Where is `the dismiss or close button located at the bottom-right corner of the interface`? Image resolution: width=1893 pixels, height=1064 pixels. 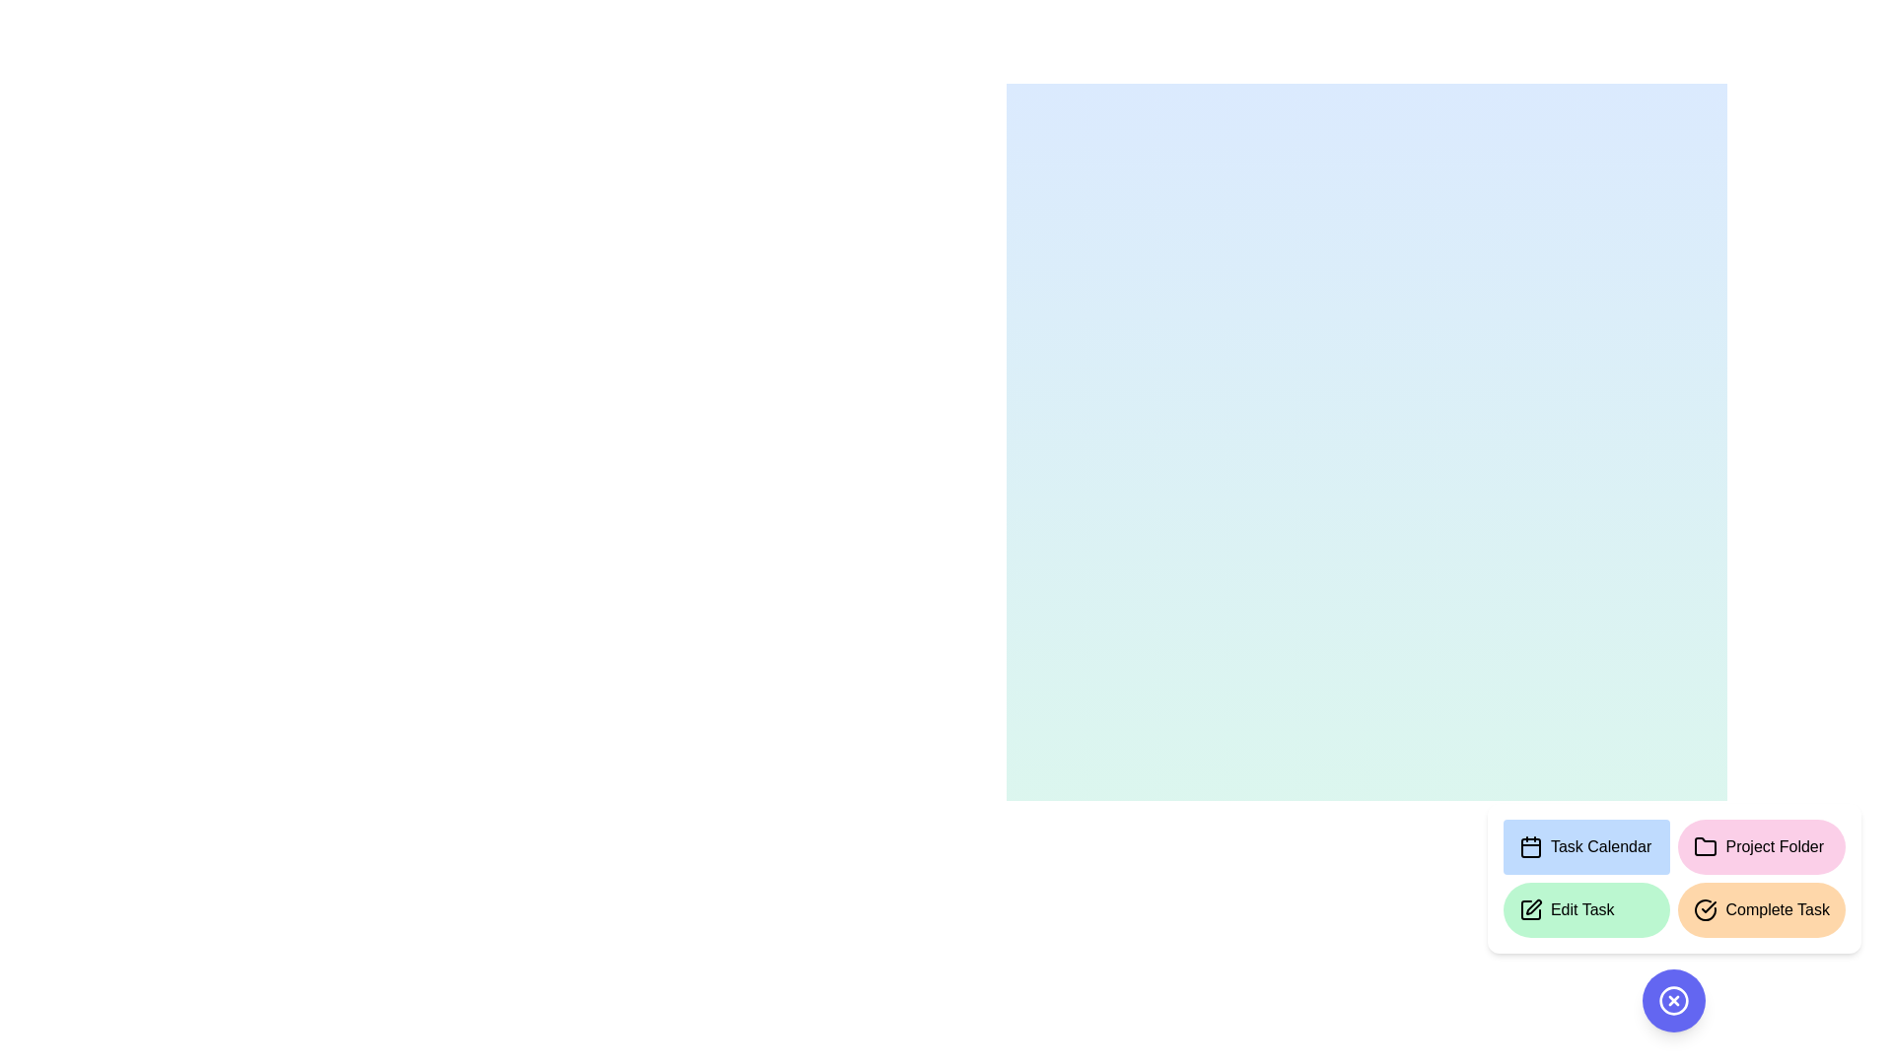
the dismiss or close button located at the bottom-right corner of the interface is located at coordinates (1673, 1000).